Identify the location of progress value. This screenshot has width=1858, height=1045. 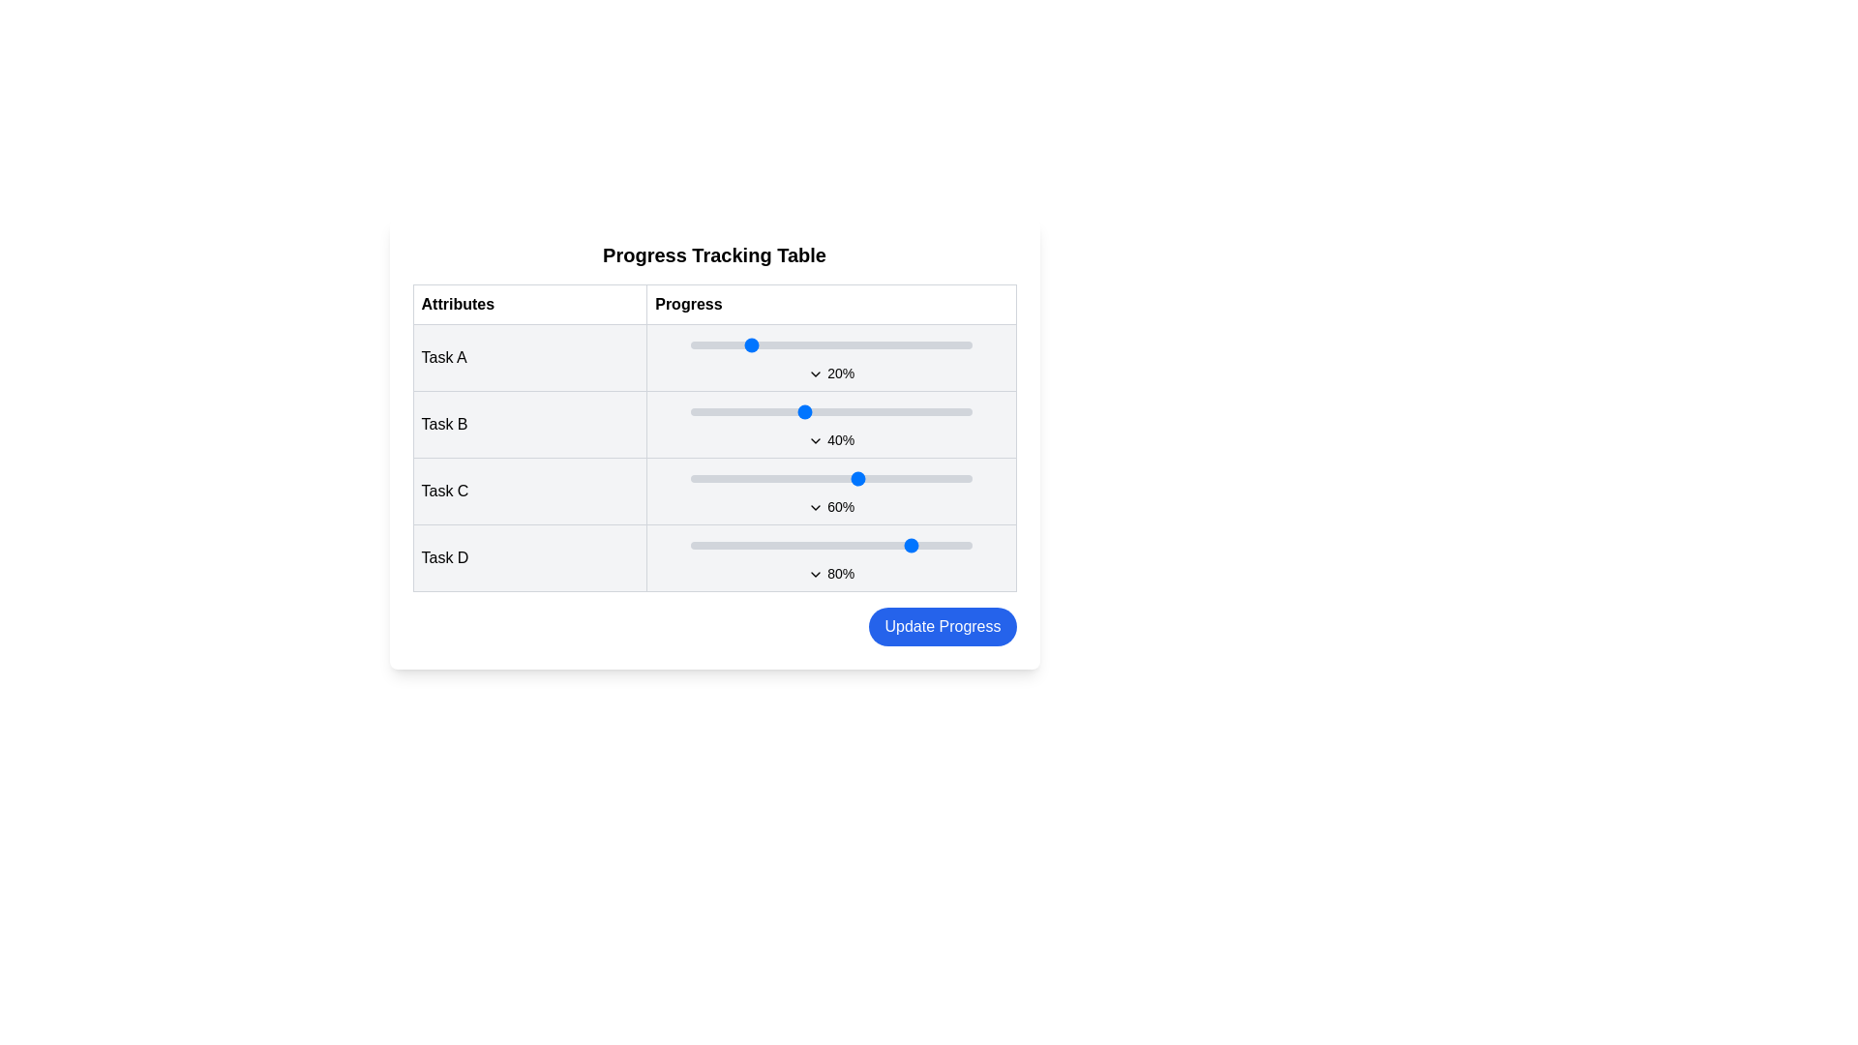
(861, 344).